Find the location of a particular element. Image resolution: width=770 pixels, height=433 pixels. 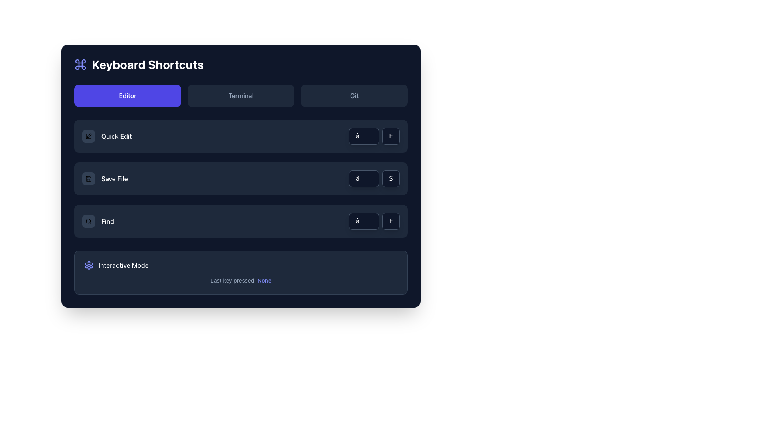

the square-shaped save icon with a dark background and rounded border, located to the left of the 'Save File' text is located at coordinates (88, 178).